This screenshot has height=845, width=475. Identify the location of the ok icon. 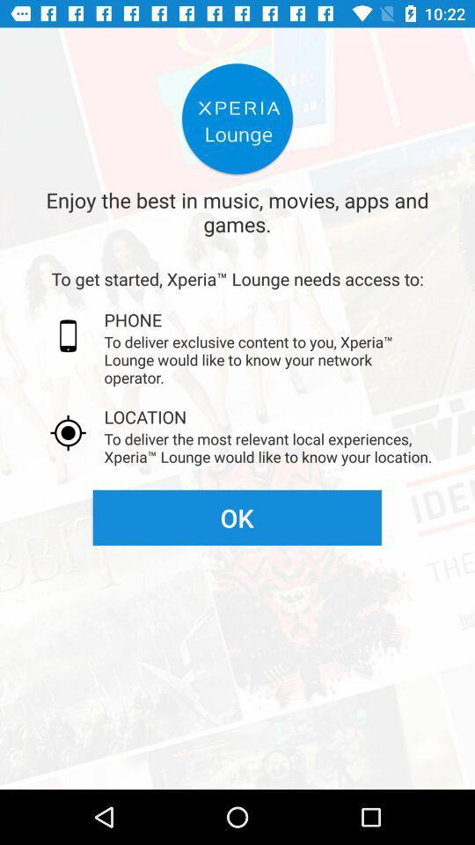
(237, 518).